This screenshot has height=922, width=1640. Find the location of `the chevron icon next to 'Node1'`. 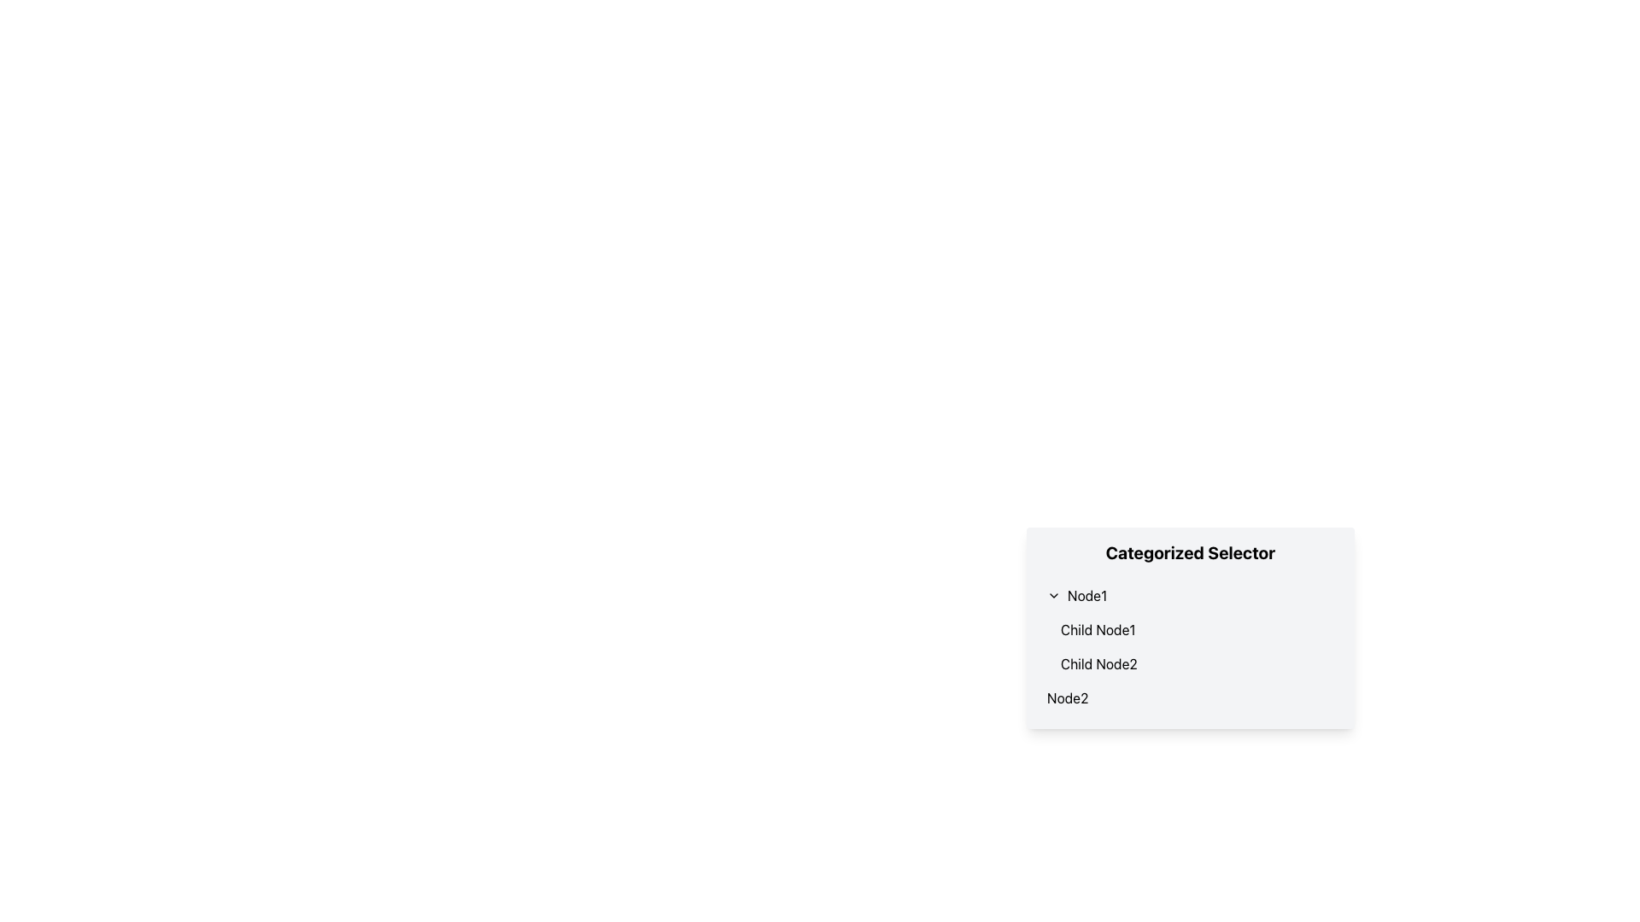

the chevron icon next to 'Node1' is located at coordinates (1052, 595).